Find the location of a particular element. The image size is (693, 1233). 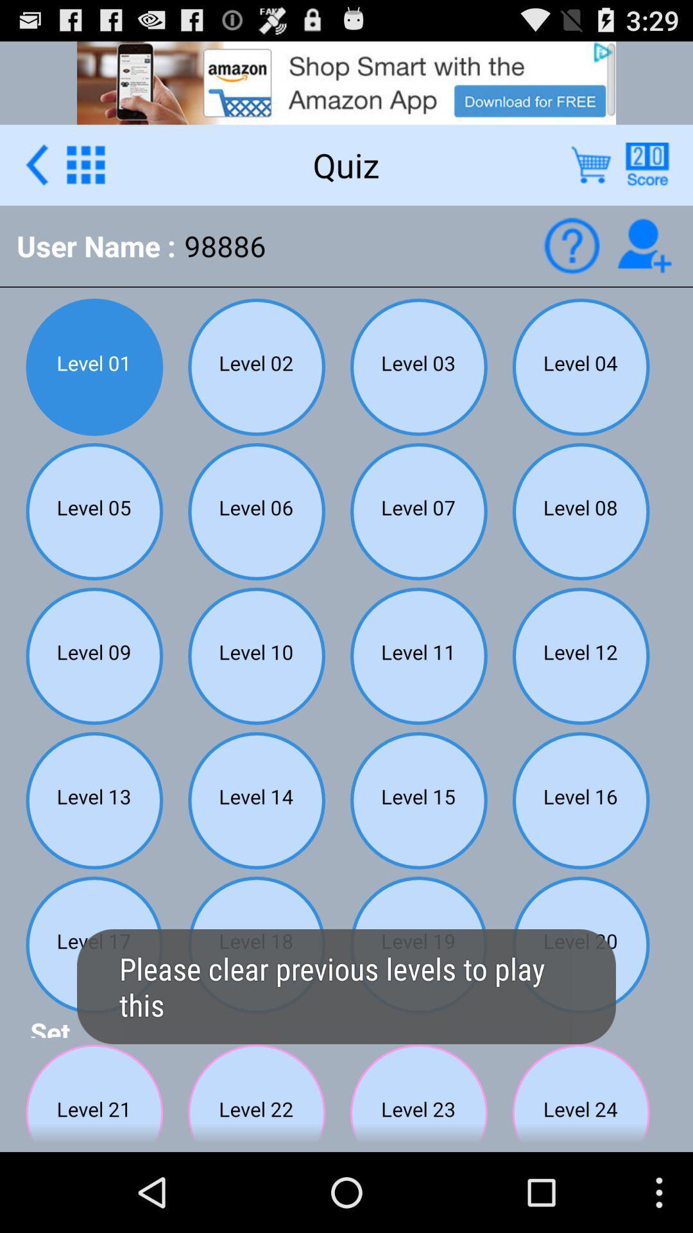

delete is located at coordinates (591, 164).